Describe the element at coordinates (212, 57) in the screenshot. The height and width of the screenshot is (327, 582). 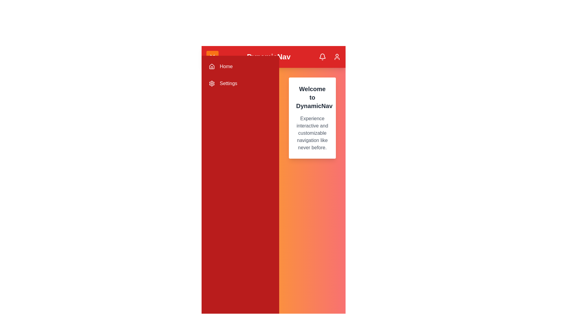
I see `toggle button to change the navigation drawer visibility` at that location.